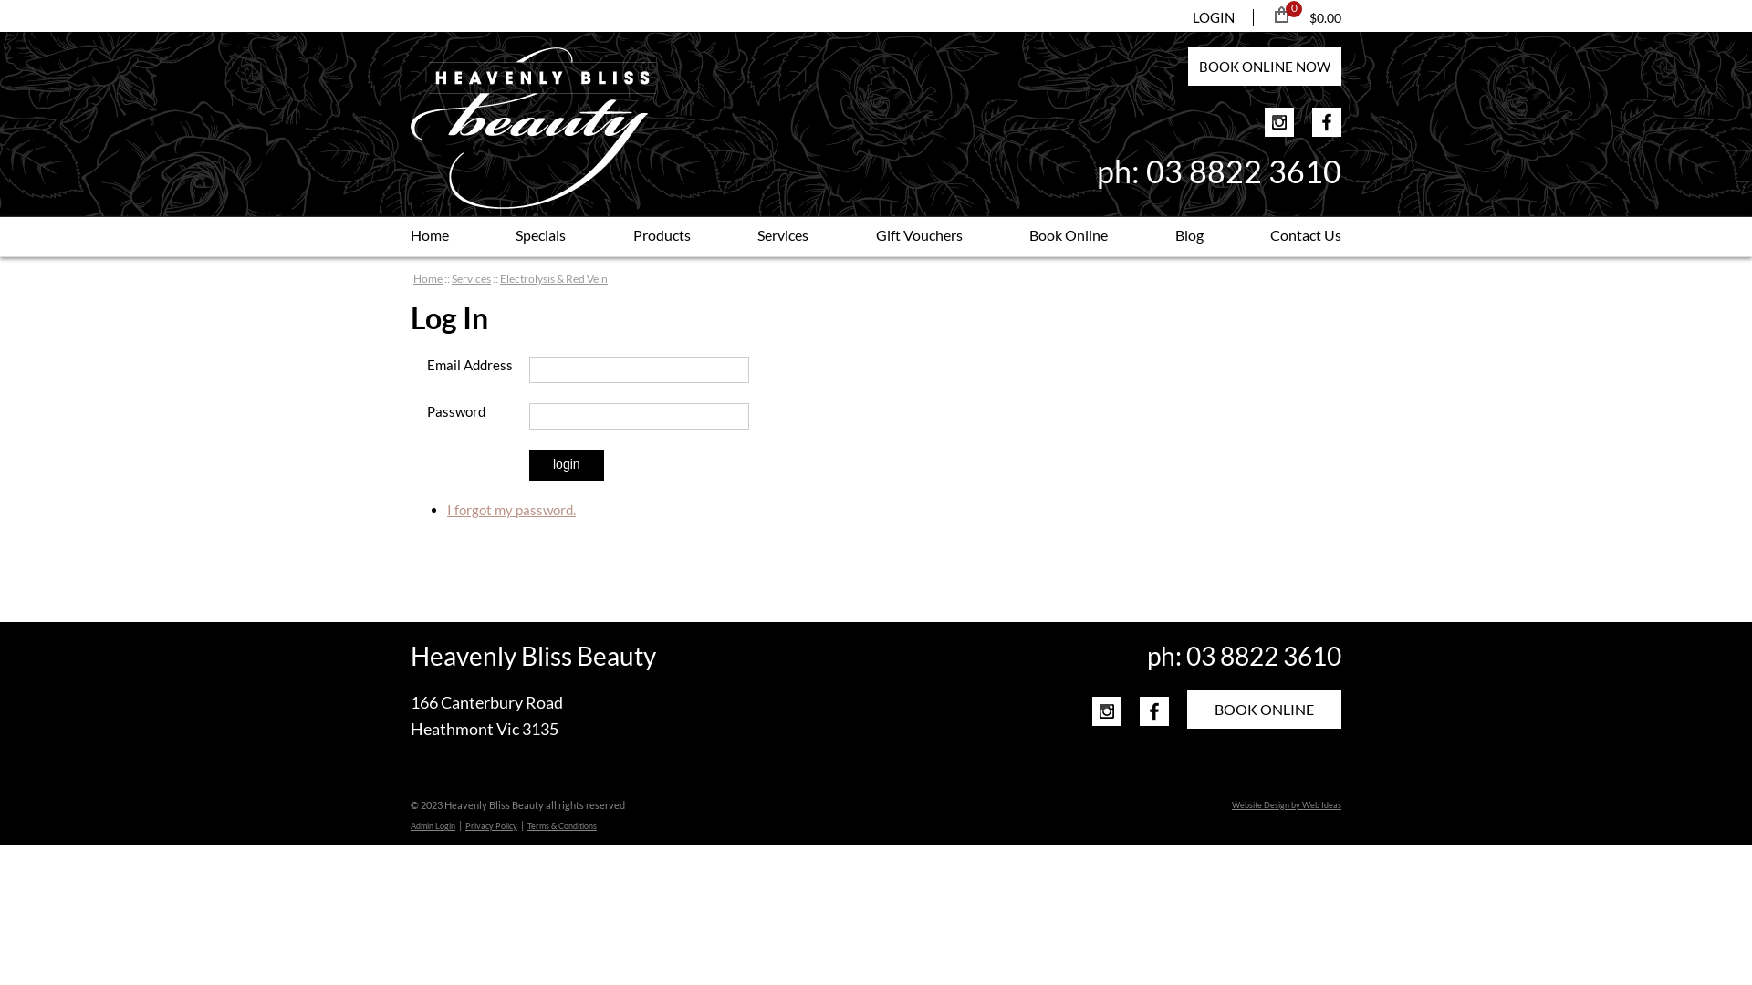 The image size is (1752, 985). I want to click on 'Gift Vouchers', so click(876, 235).